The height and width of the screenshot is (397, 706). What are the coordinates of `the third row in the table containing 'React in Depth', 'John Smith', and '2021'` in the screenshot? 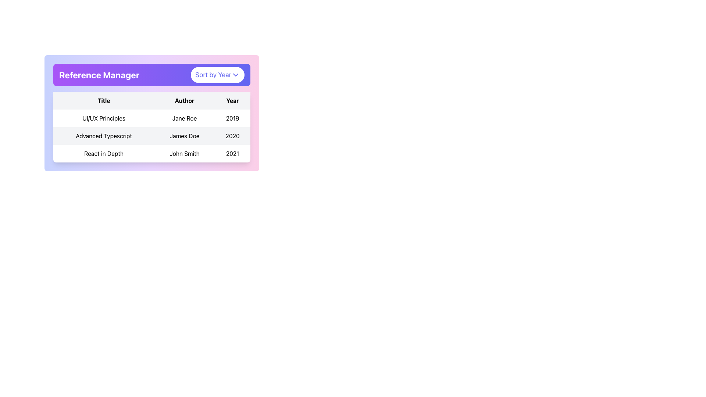 It's located at (151, 153).